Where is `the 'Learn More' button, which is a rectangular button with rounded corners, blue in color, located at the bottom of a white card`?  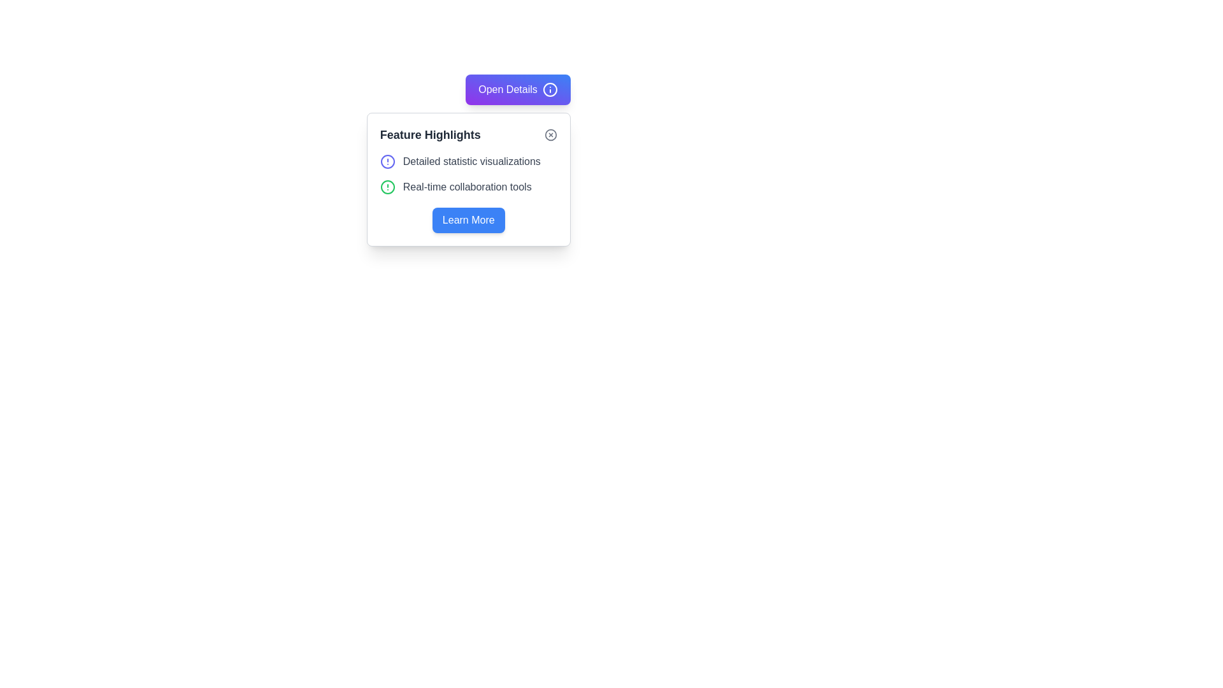
the 'Learn More' button, which is a rectangular button with rounded corners, blue in color, located at the bottom of a white card is located at coordinates (468, 220).